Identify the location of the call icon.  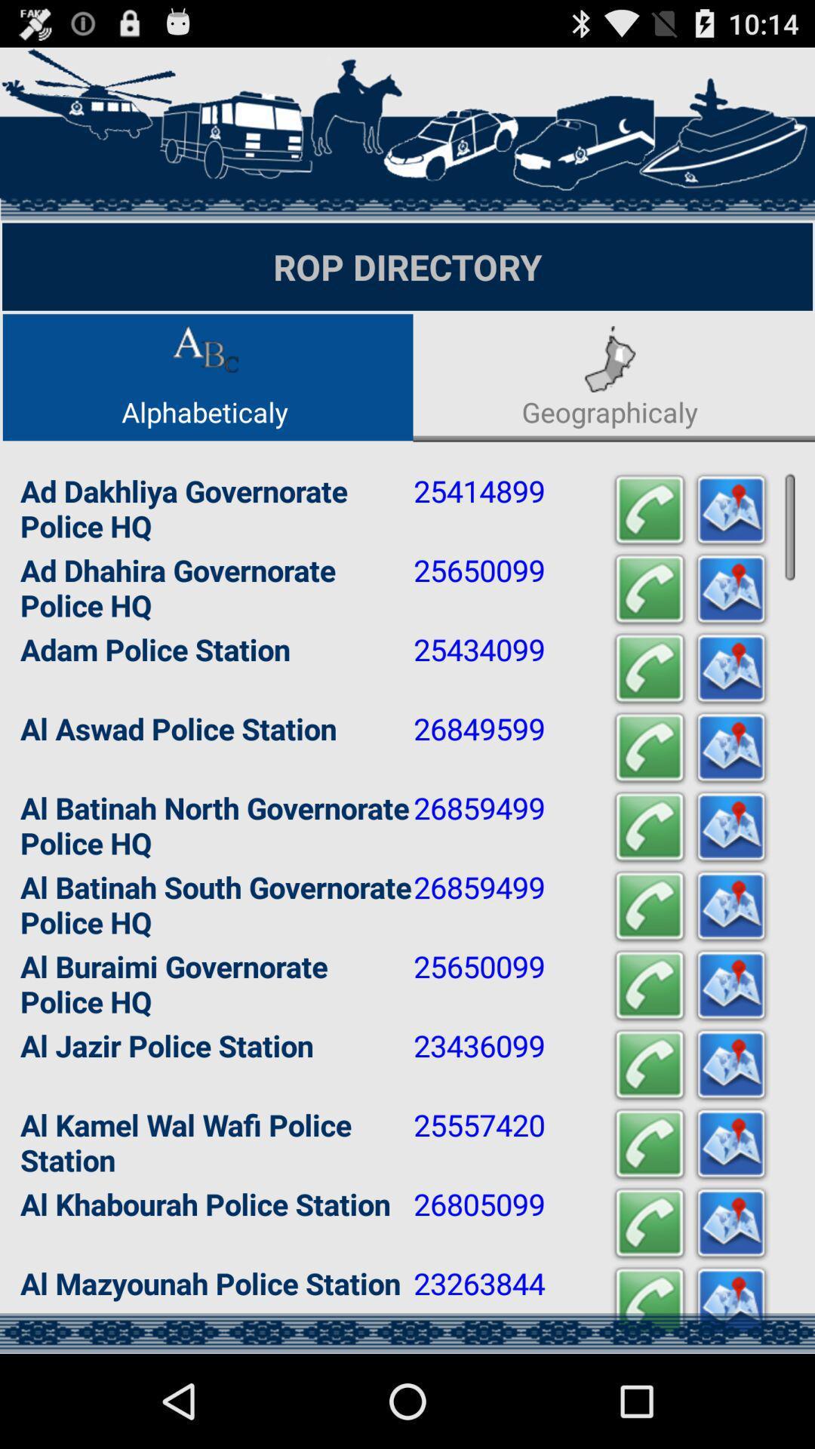
(648, 800).